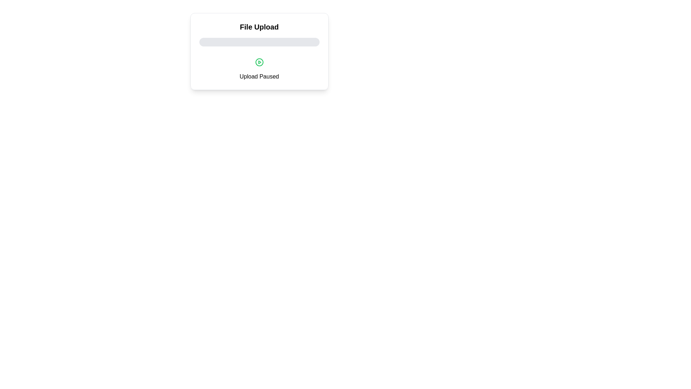 The image size is (691, 389). Describe the element at coordinates (259, 62) in the screenshot. I see `the outer circle of the play button icon, which is a decorative SVG graphic element located centrally within the interface` at that location.